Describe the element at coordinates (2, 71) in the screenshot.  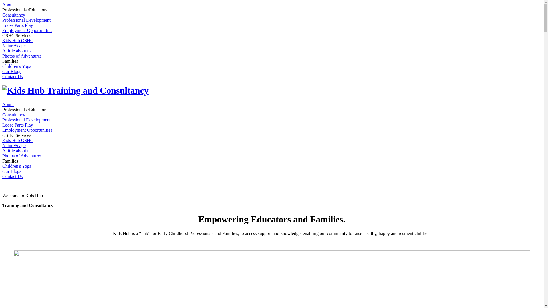
I see `'Our Blogs'` at that location.